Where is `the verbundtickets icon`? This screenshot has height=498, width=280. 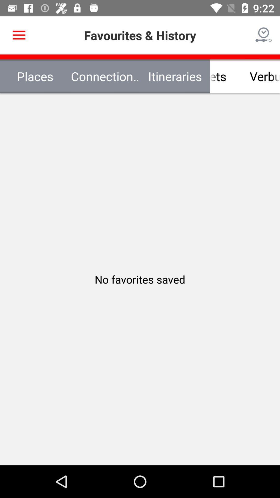
the verbundtickets icon is located at coordinates (245, 76).